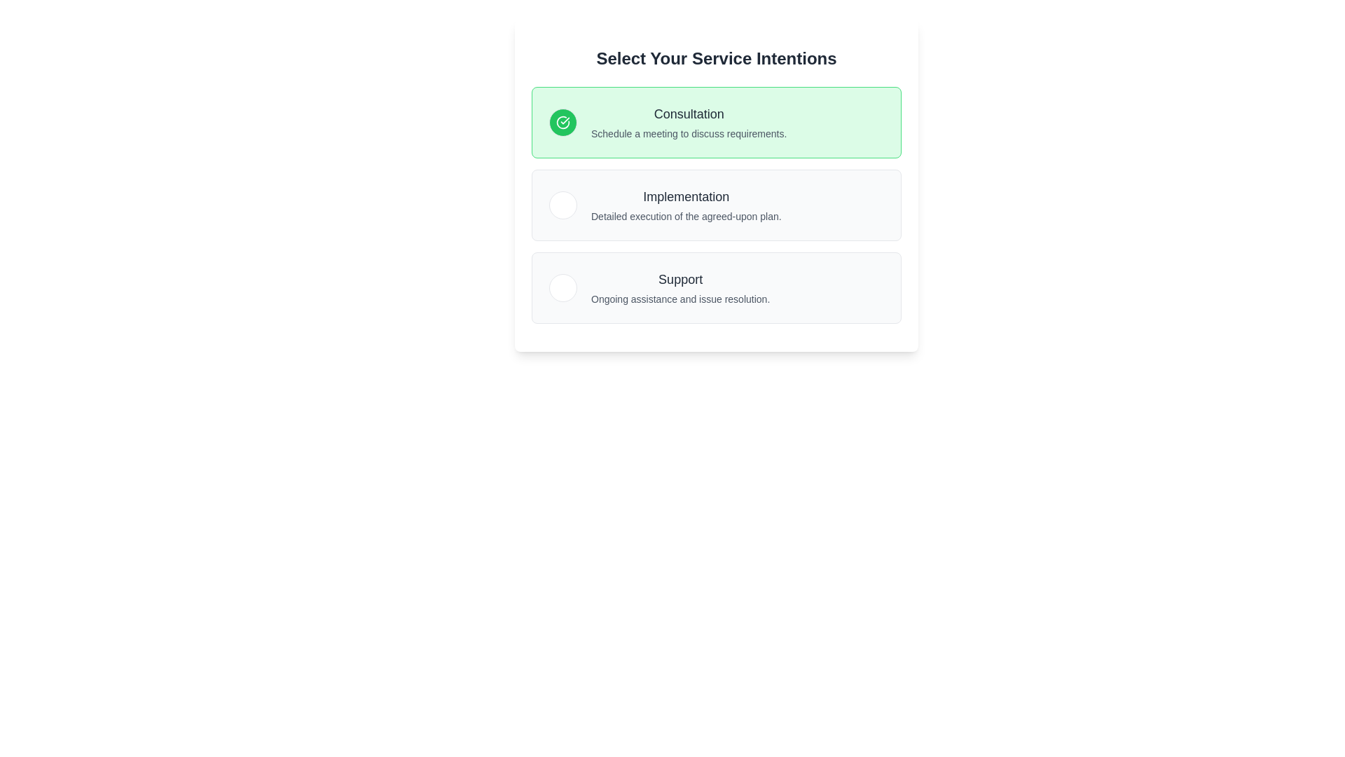  I want to click on the circular icon on the left side of the 'Support' selectable option element, so click(658, 287).